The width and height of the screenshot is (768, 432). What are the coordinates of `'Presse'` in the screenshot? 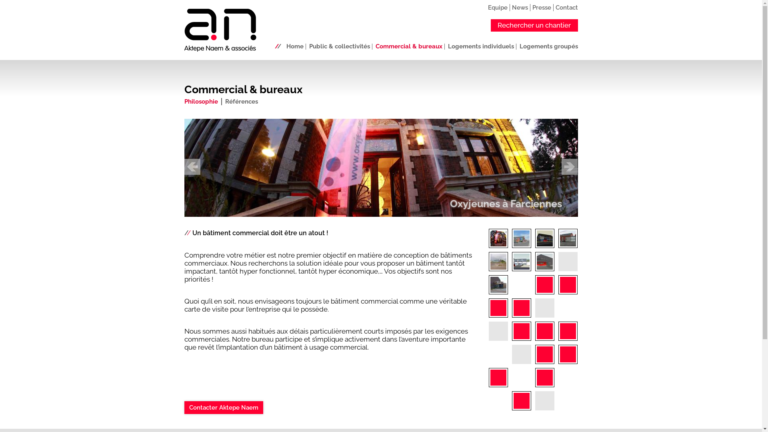 It's located at (541, 7).